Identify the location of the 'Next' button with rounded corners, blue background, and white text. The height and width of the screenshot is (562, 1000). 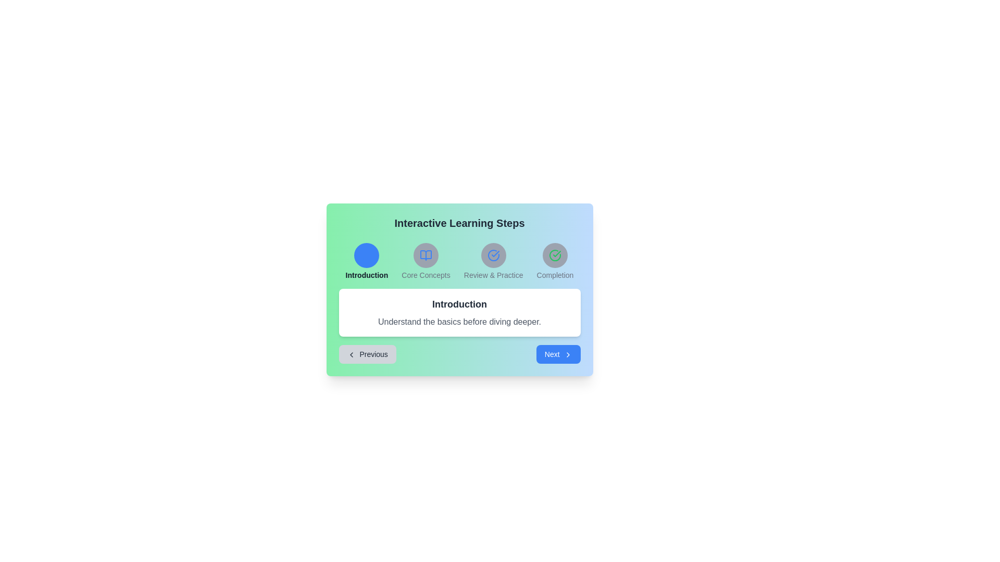
(558, 354).